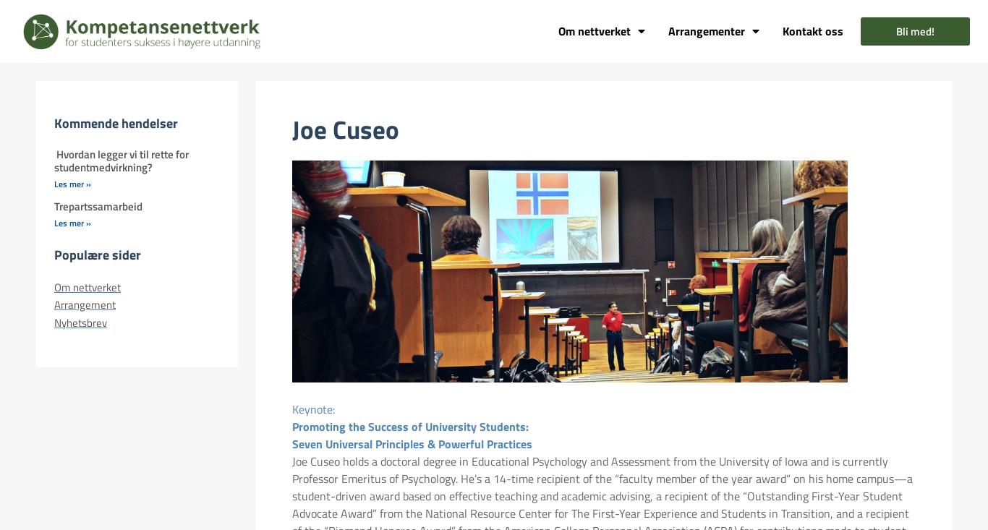 The image size is (988, 530). I want to click on 'Arrangementer', so click(706, 30).